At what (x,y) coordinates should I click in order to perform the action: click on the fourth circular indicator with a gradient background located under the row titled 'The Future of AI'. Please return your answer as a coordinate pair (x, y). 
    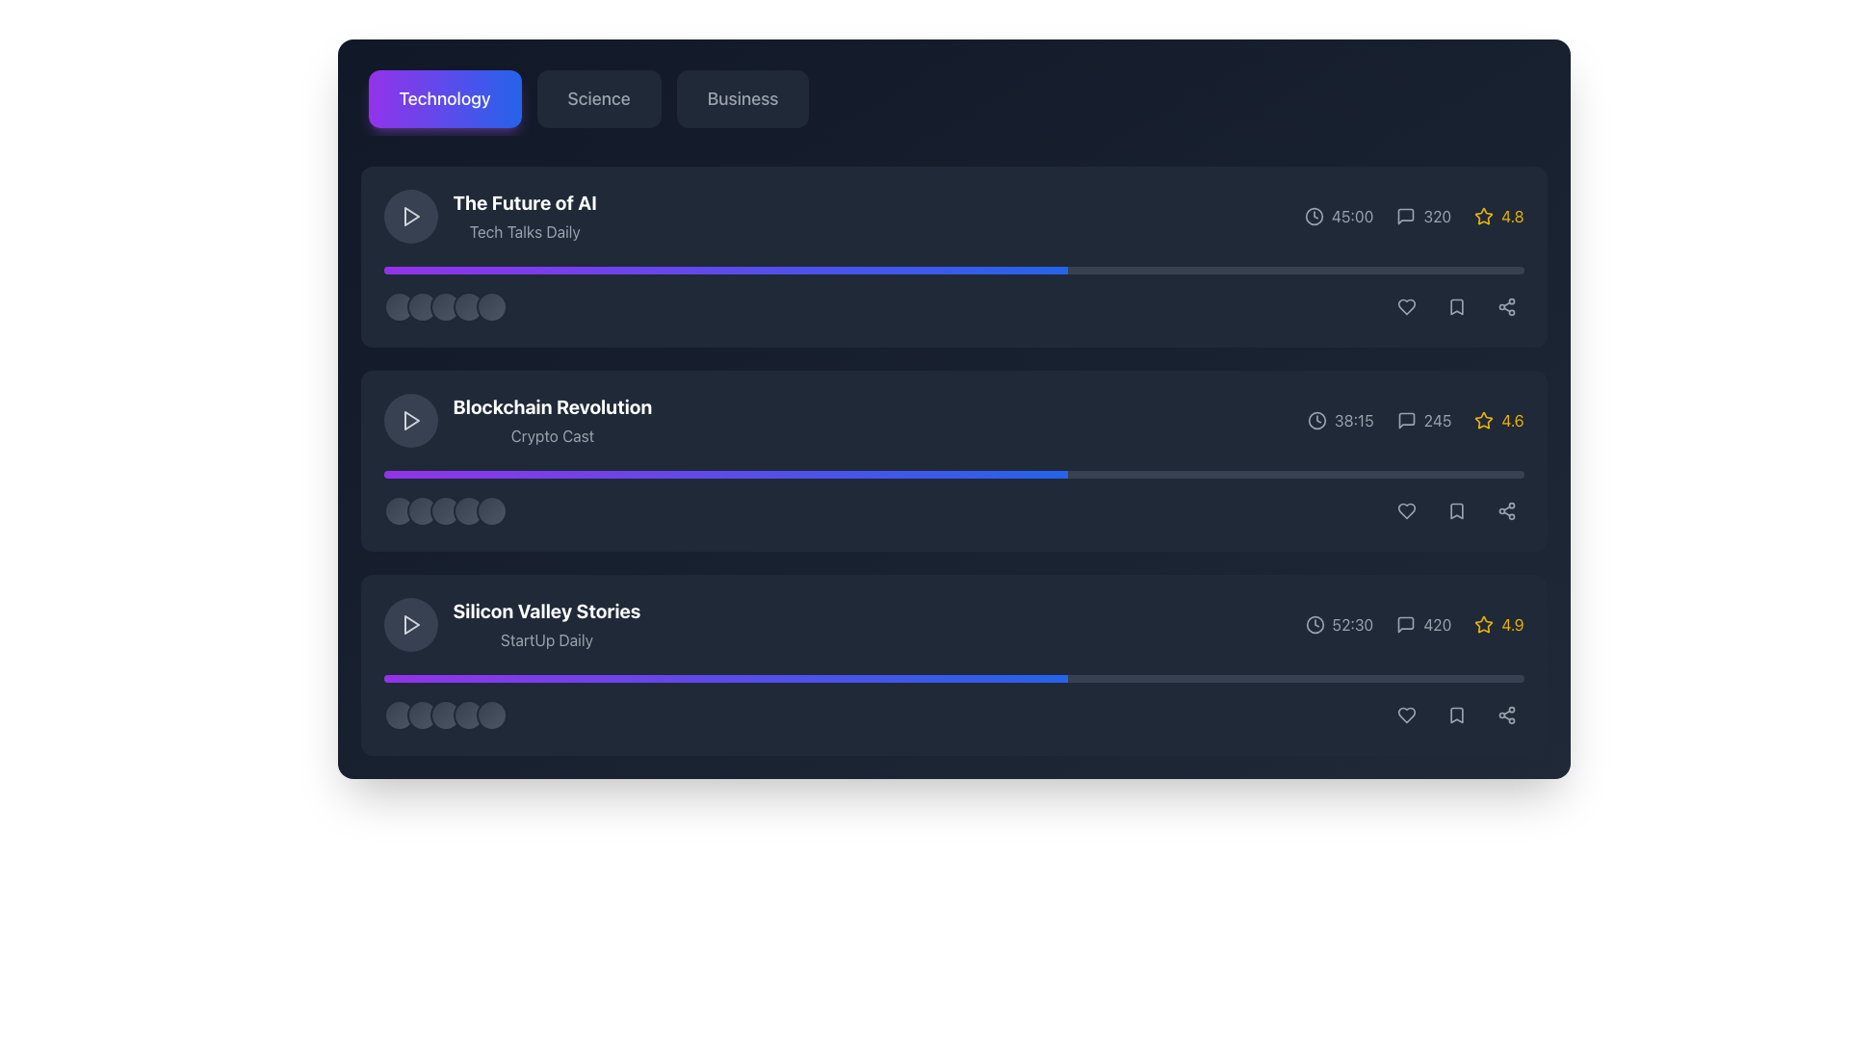
    Looking at the image, I should click on (468, 306).